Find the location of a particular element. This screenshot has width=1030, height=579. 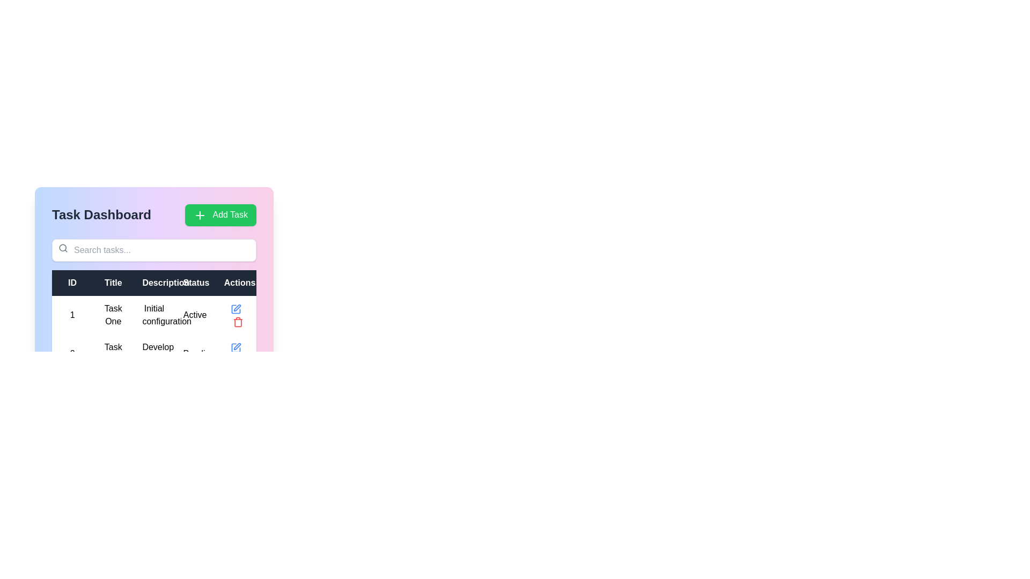

text of the status label located in the first row of the table under the 'Status' column, which follows 'Initial configuration' from the 'Description' column is located at coordinates (195, 314).